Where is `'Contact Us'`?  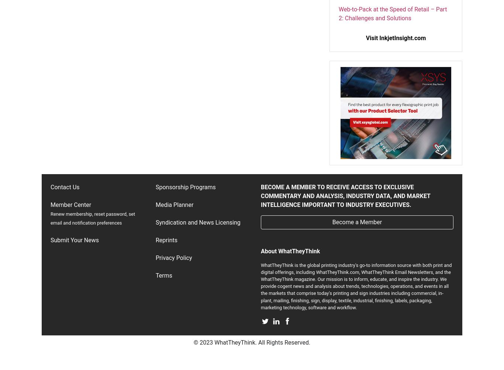
'Contact Us' is located at coordinates (64, 186).